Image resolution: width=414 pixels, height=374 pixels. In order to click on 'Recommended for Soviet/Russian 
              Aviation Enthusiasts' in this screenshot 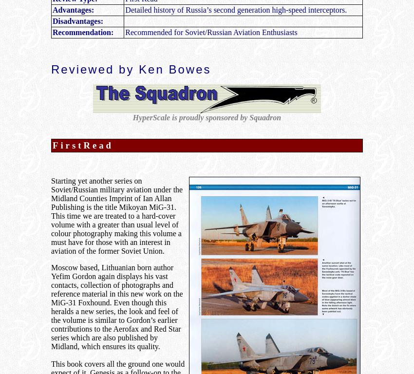, I will do `click(210, 32)`.